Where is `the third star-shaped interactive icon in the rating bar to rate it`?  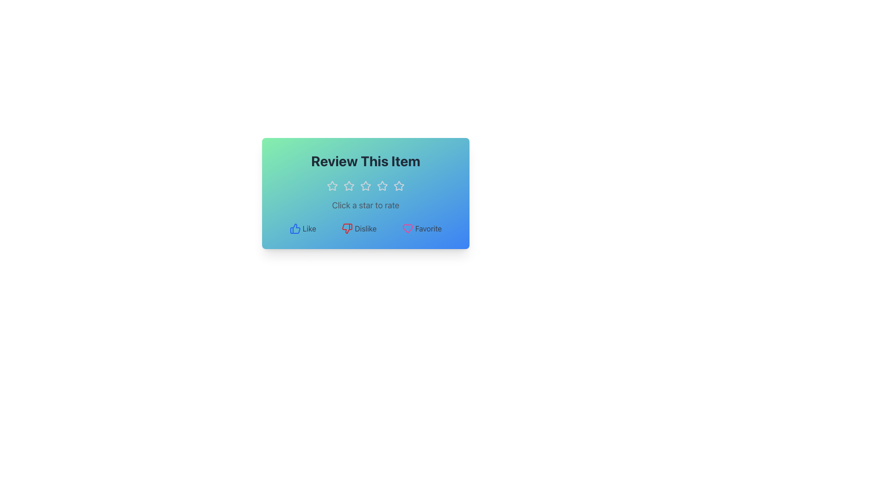 the third star-shaped interactive icon in the rating bar to rate it is located at coordinates (382, 186).